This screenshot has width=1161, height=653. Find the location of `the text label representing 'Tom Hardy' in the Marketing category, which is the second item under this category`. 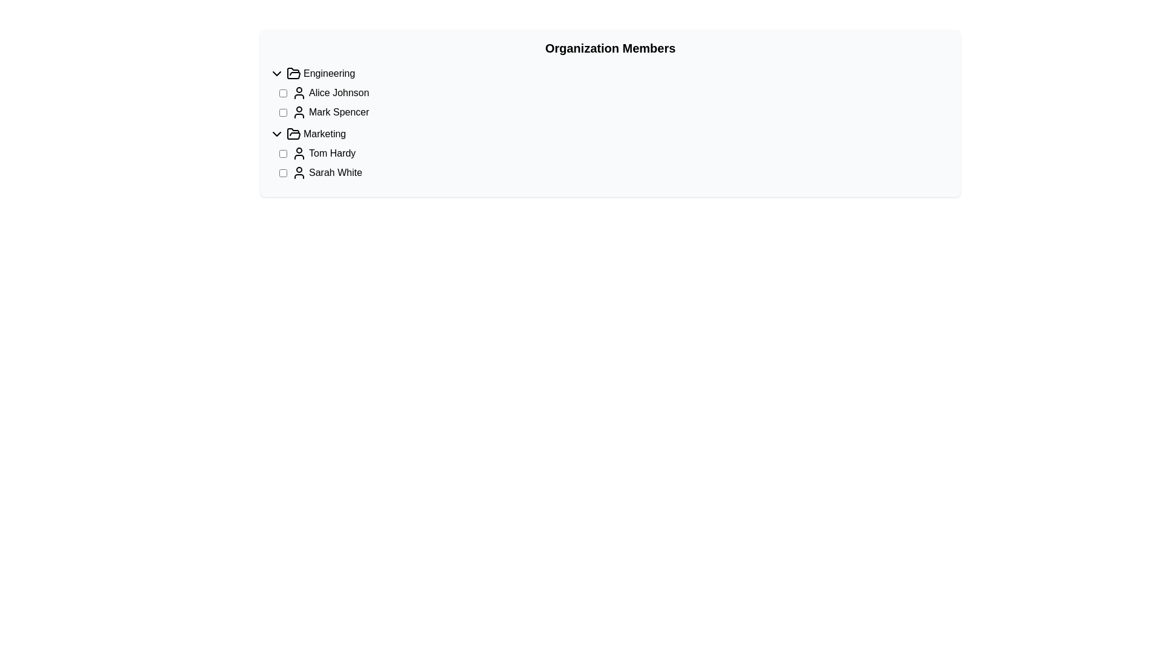

the text label representing 'Tom Hardy' in the Marketing category, which is the second item under this category is located at coordinates (332, 153).